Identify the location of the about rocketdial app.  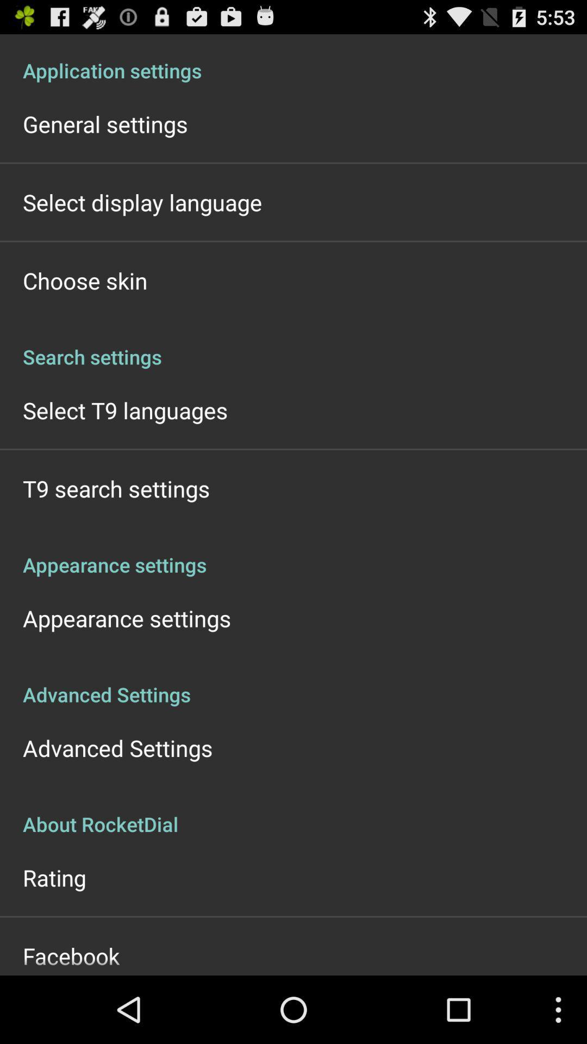
(293, 812).